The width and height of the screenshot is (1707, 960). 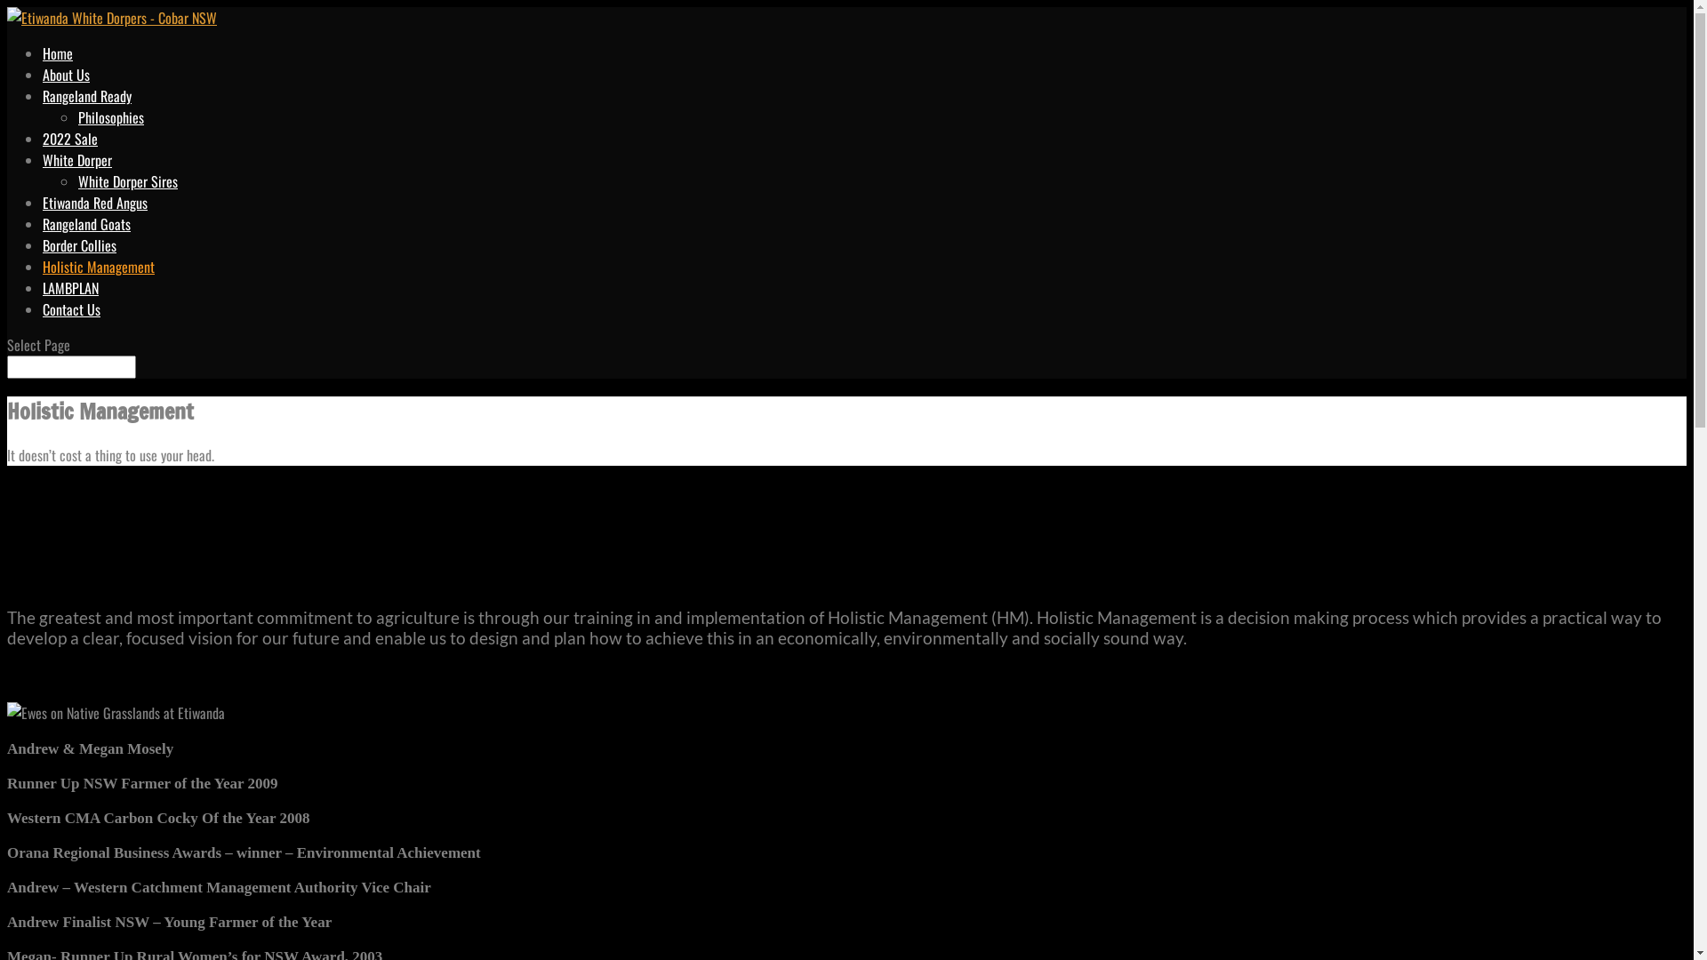 I want to click on 'About Us', so click(x=66, y=74).